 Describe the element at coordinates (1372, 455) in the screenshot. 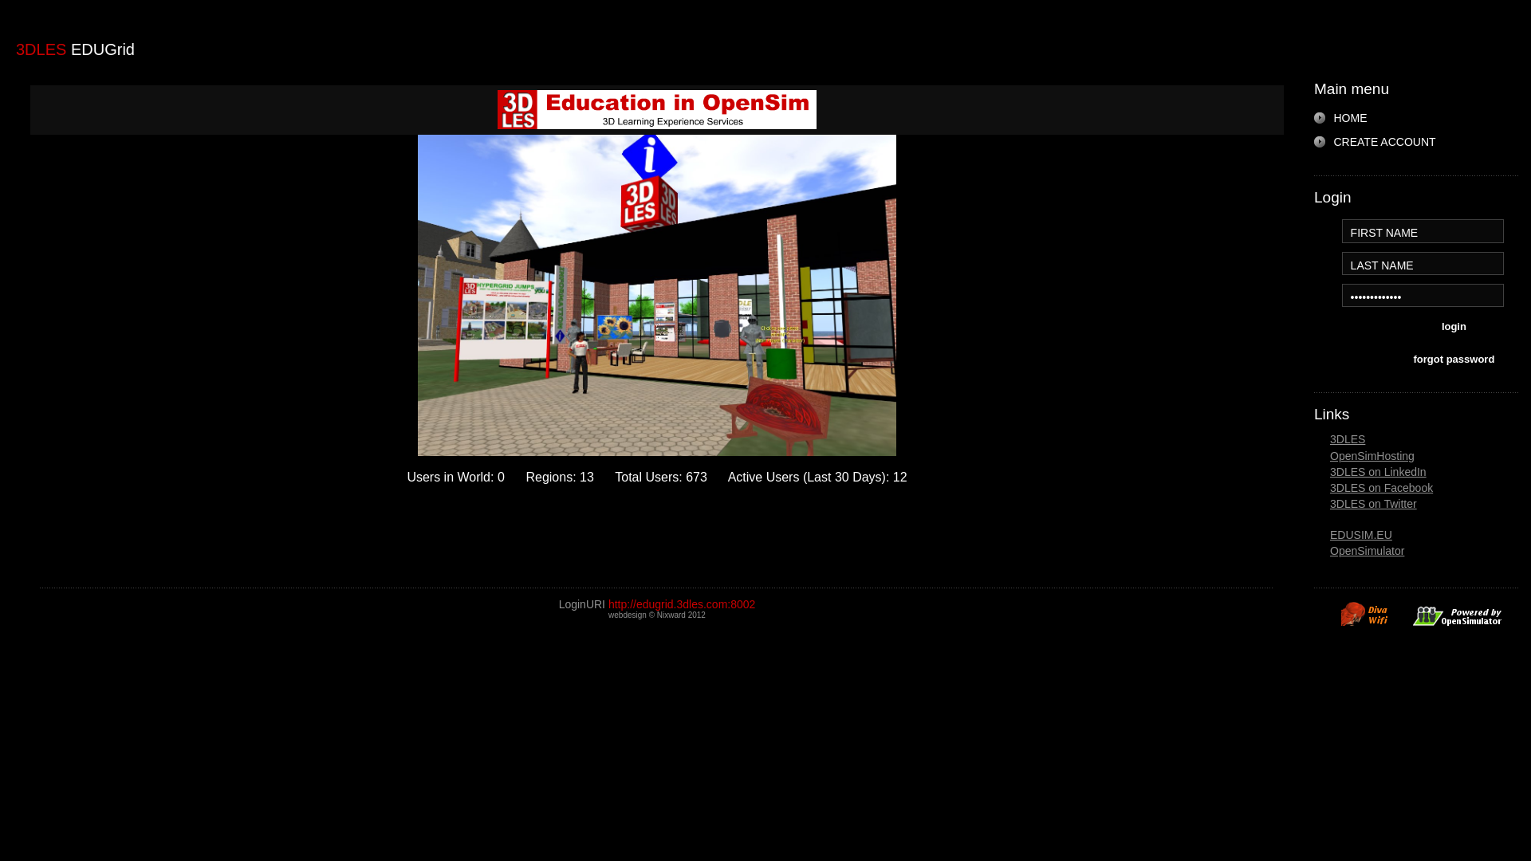

I see `'OpenSimHosting'` at that location.